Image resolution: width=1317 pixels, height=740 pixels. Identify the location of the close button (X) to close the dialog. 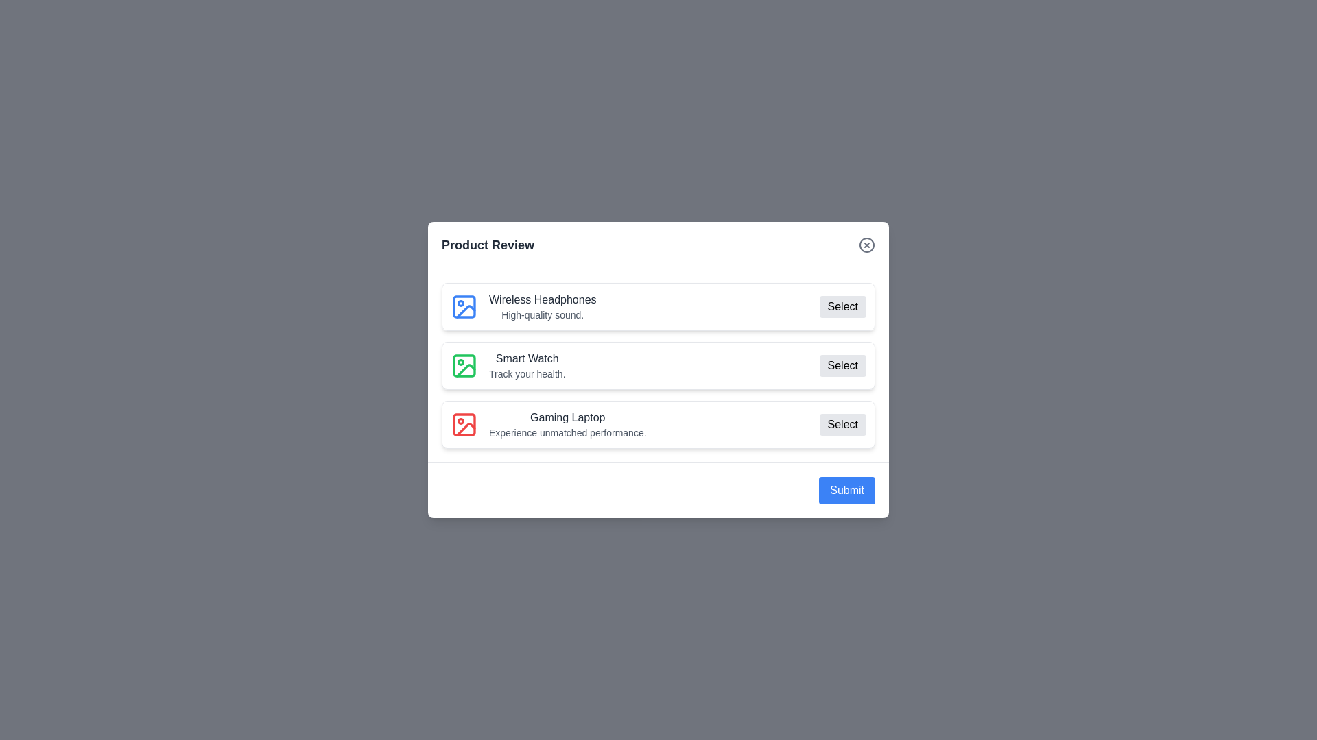
(866, 245).